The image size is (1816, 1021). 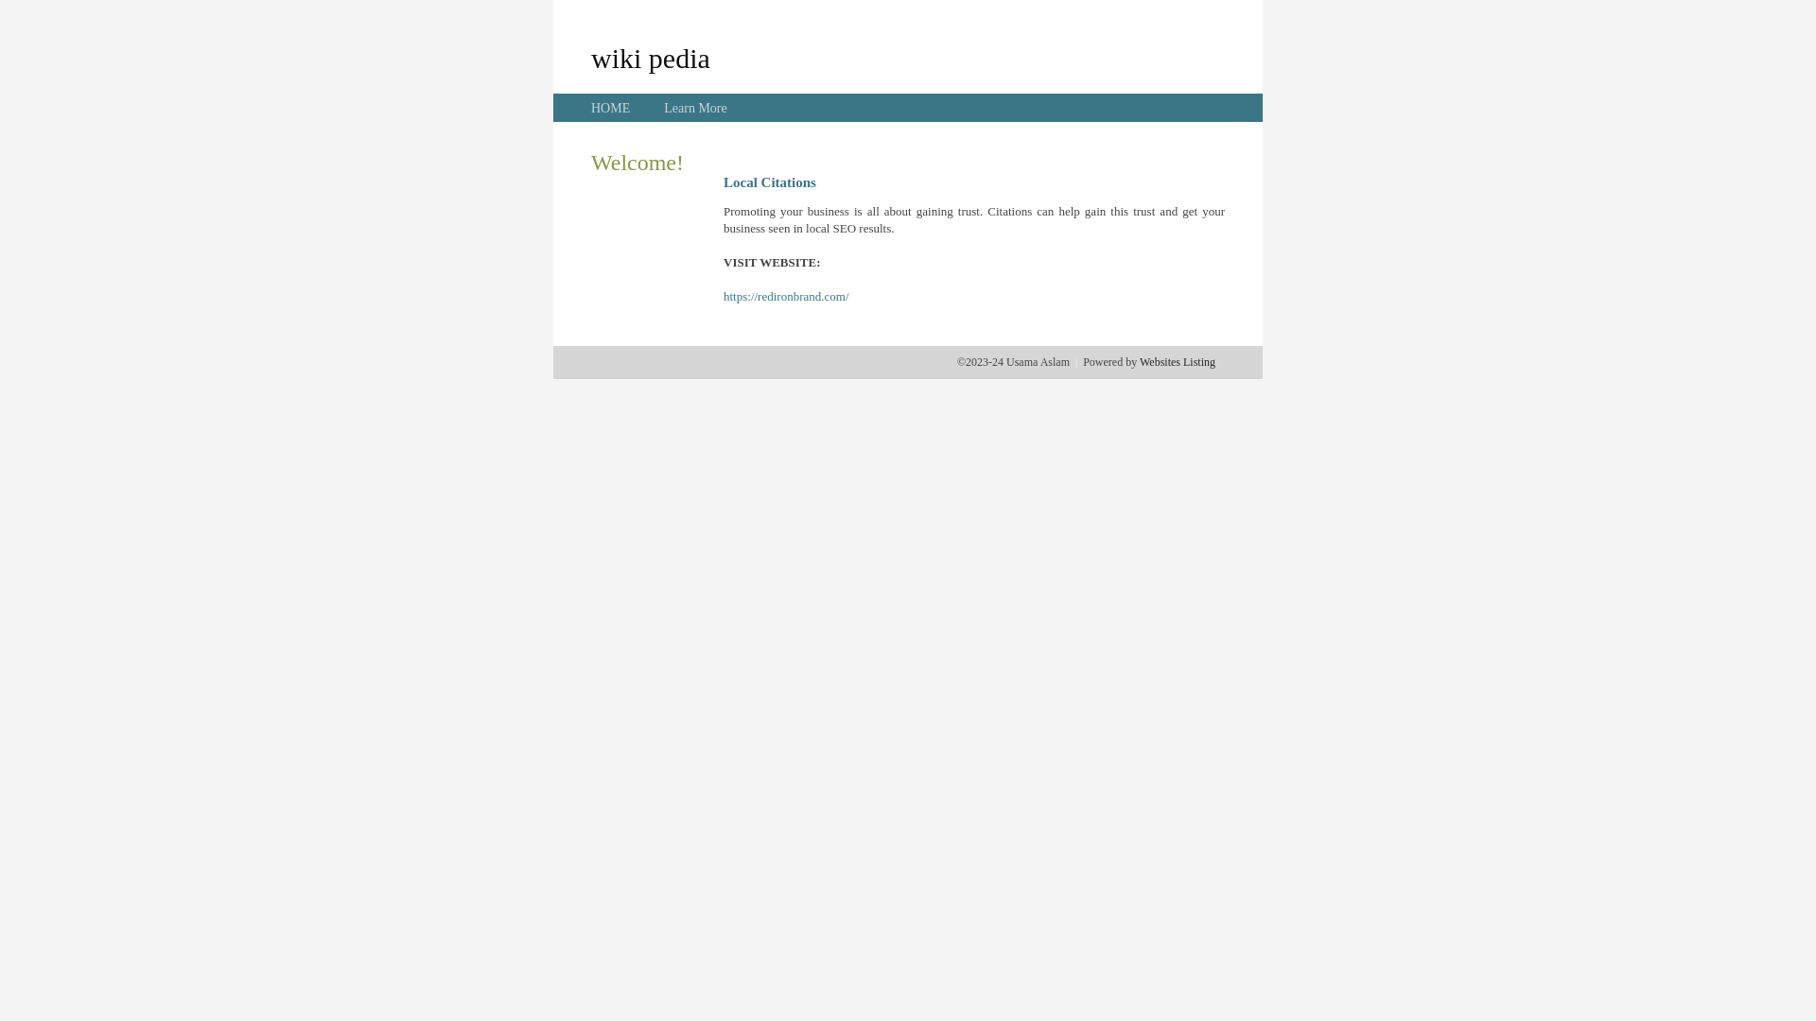 What do you see at coordinates (786, 296) in the screenshot?
I see `'https://redironbrand.com/'` at bounding box center [786, 296].